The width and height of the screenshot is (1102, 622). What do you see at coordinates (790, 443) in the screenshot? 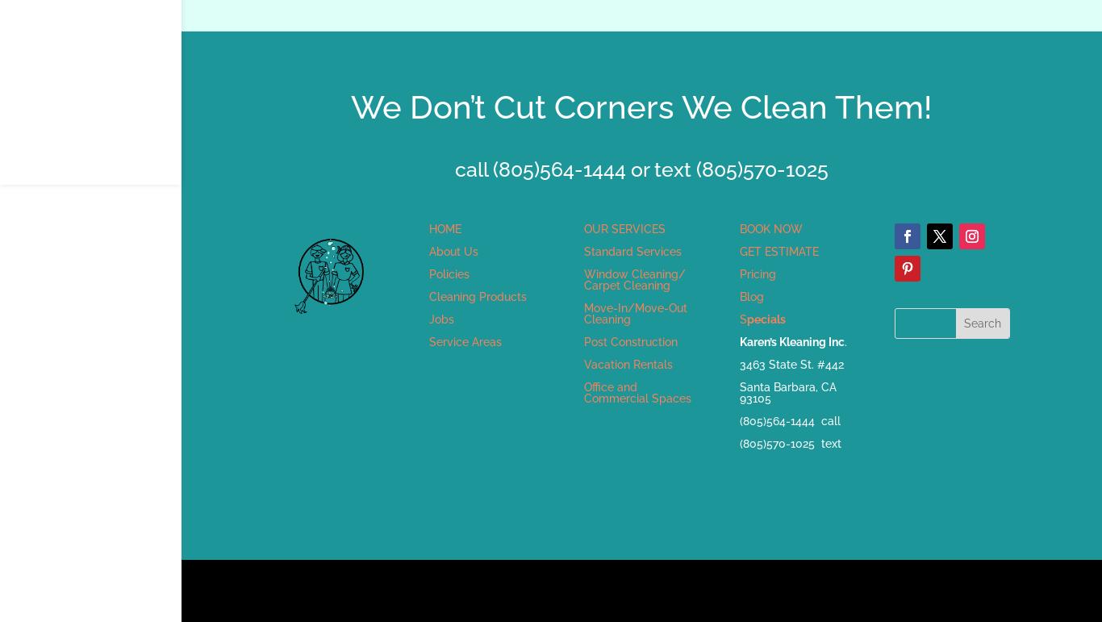
I see `'(805)570-1025  text'` at bounding box center [790, 443].